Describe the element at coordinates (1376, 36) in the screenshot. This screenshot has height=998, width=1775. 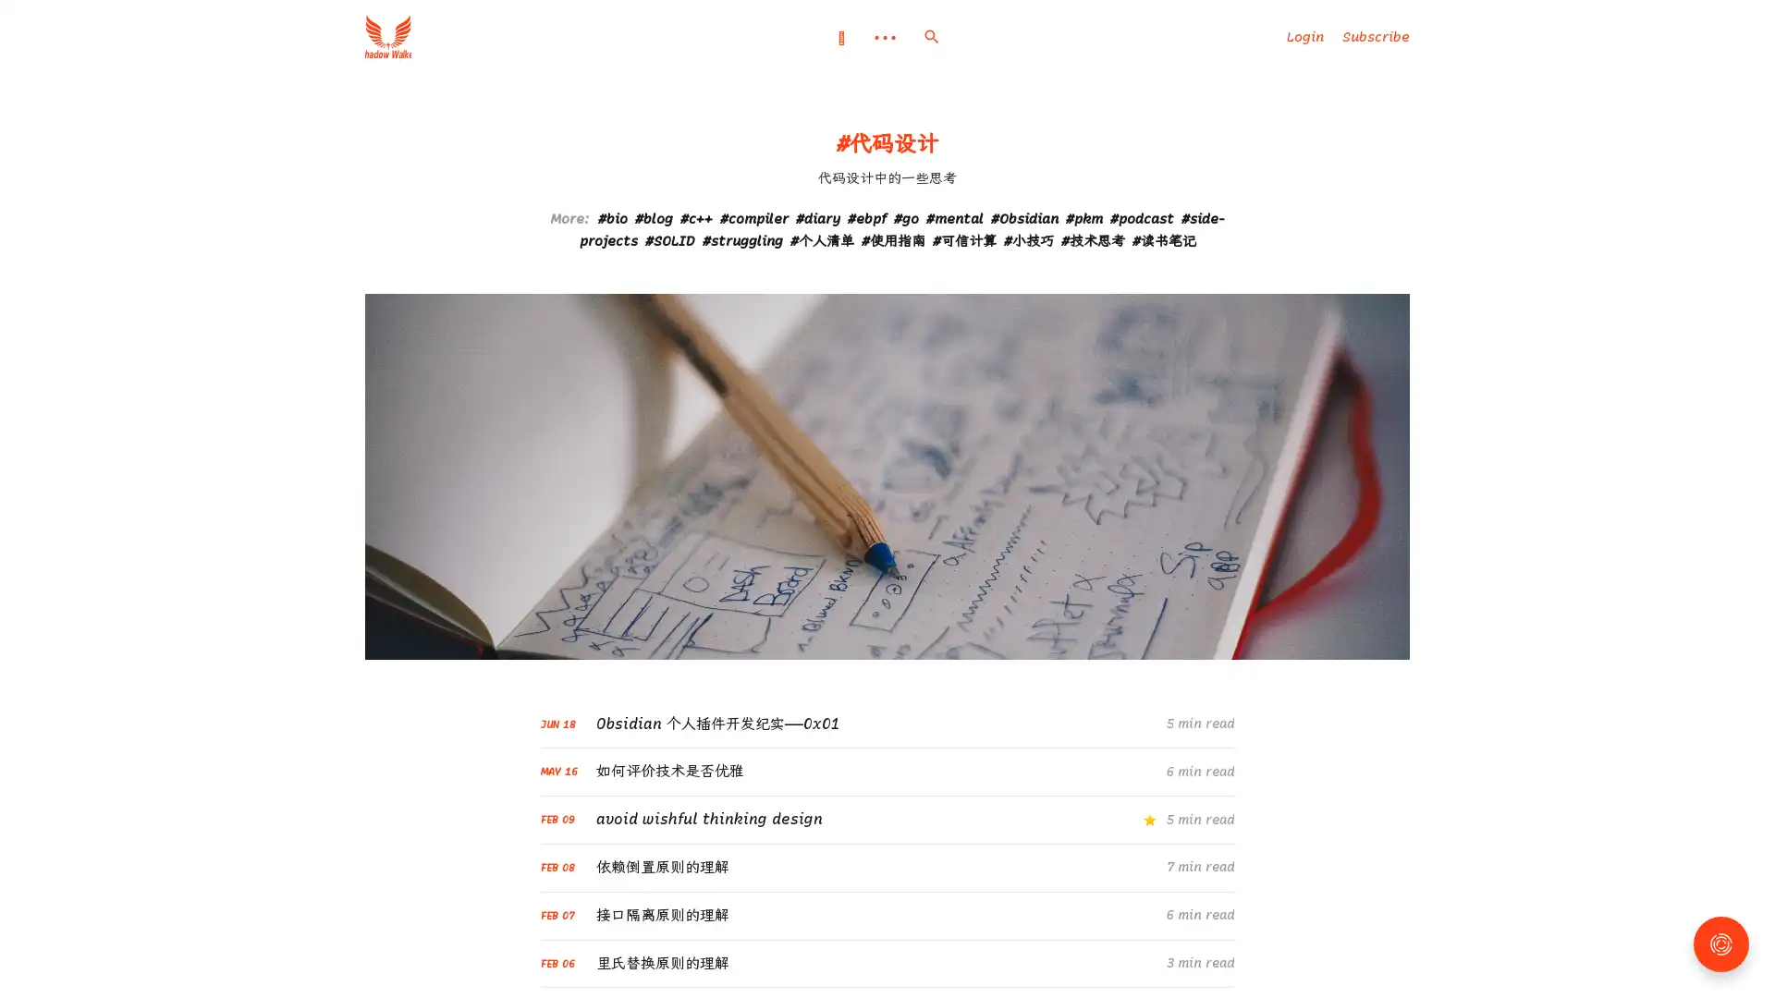
I see `Subscribe` at that location.